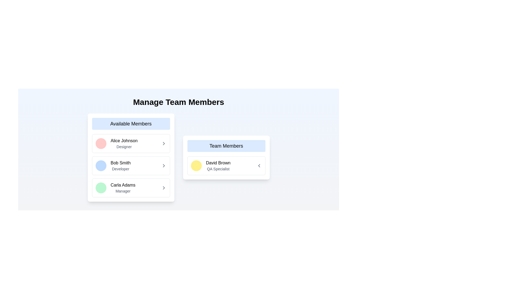 The image size is (520, 292). Describe the element at coordinates (196, 165) in the screenshot. I see `the Avatar placeholder representing the profile picture of team member 'David Brown', located at the far left of the 'Team Members' entry` at that location.